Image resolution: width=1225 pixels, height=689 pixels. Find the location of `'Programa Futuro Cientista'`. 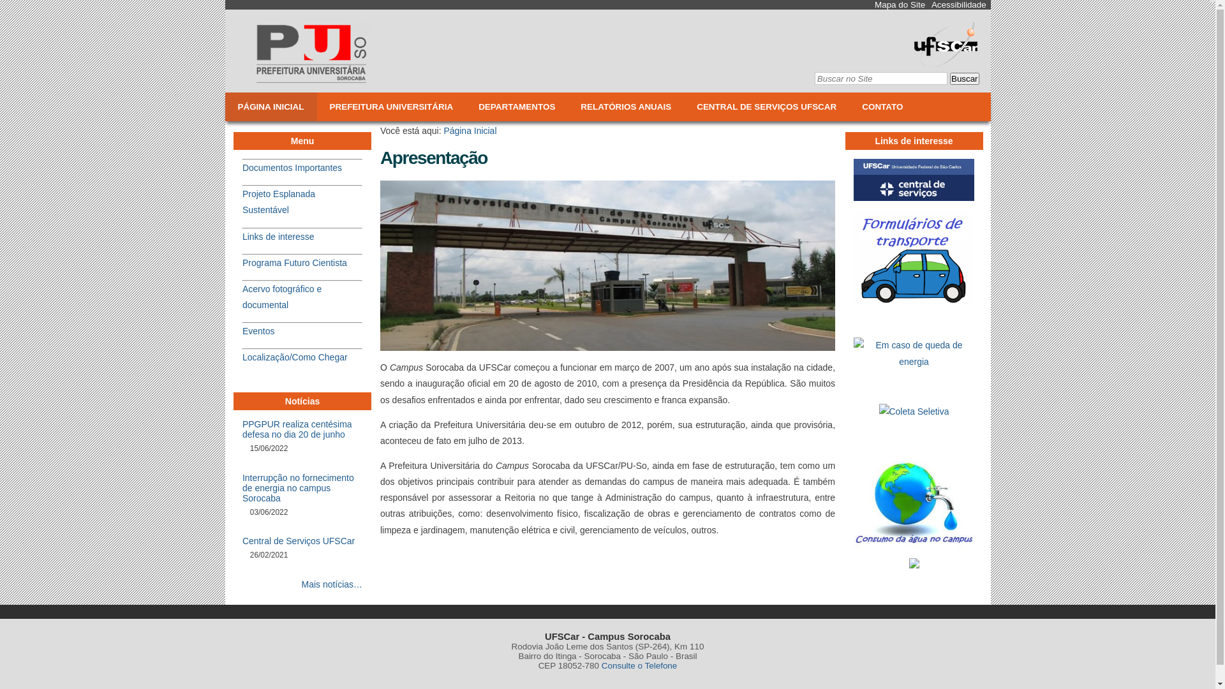

'Programa Futuro Cientista' is located at coordinates (293, 262).